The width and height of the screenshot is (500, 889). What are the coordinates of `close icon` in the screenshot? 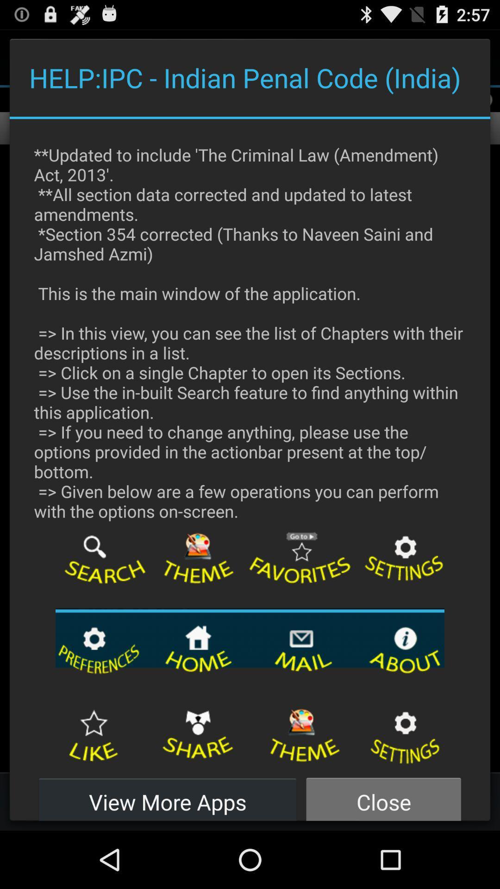 It's located at (383, 796).